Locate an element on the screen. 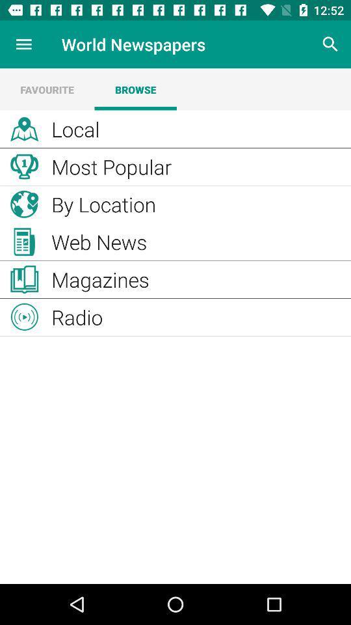  search news is located at coordinates (330, 44).